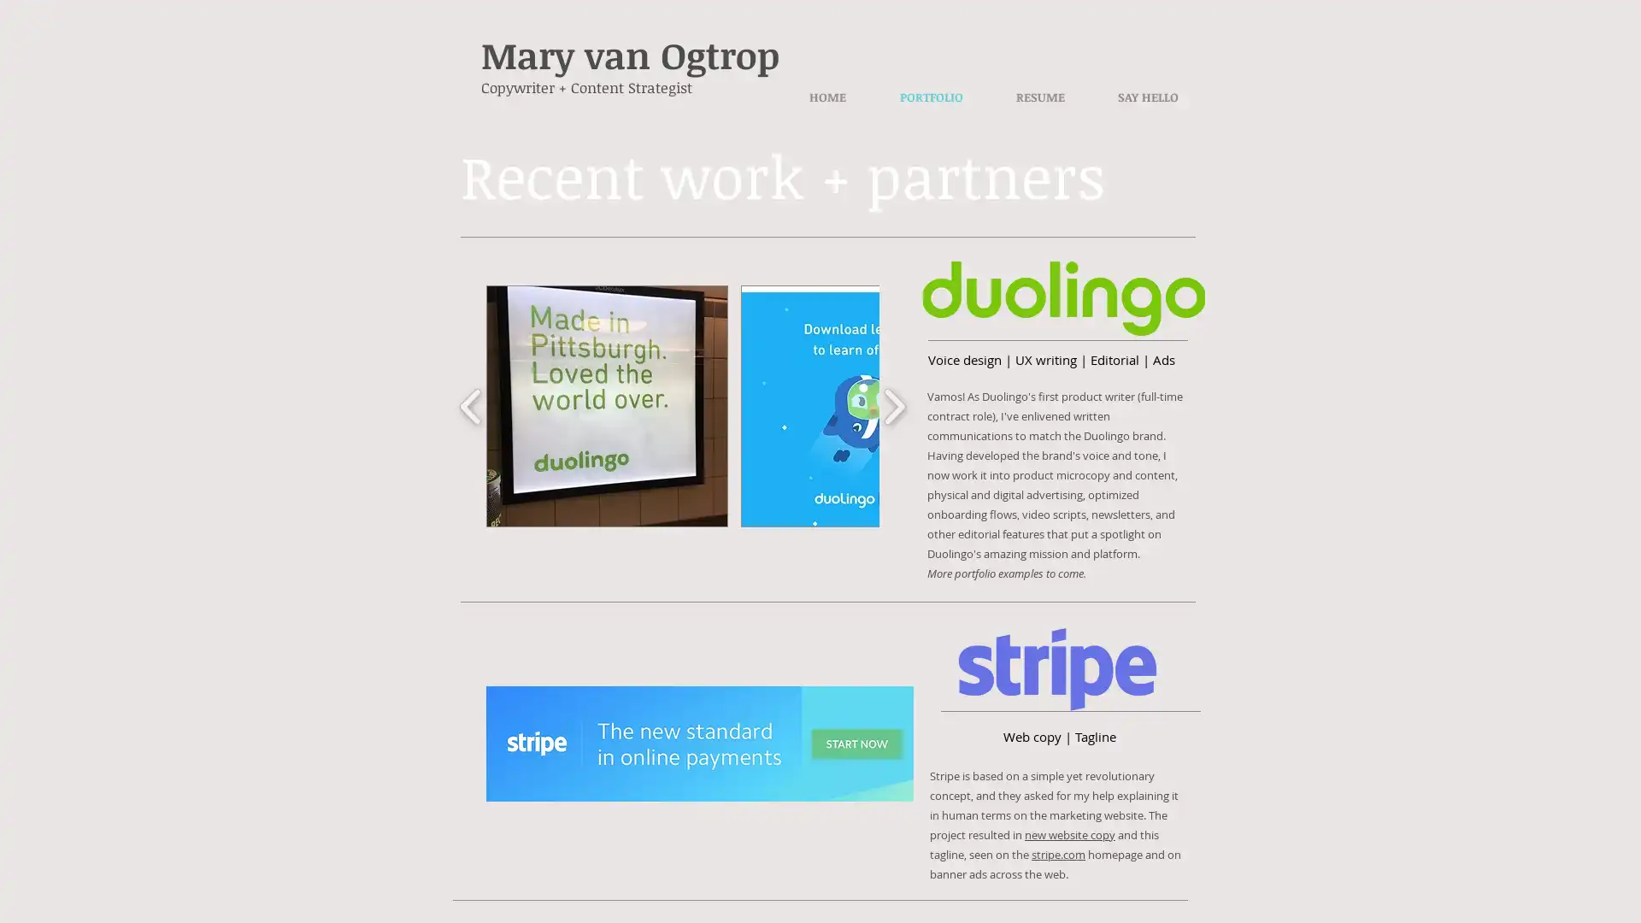  I want to click on play forward, so click(893, 405).